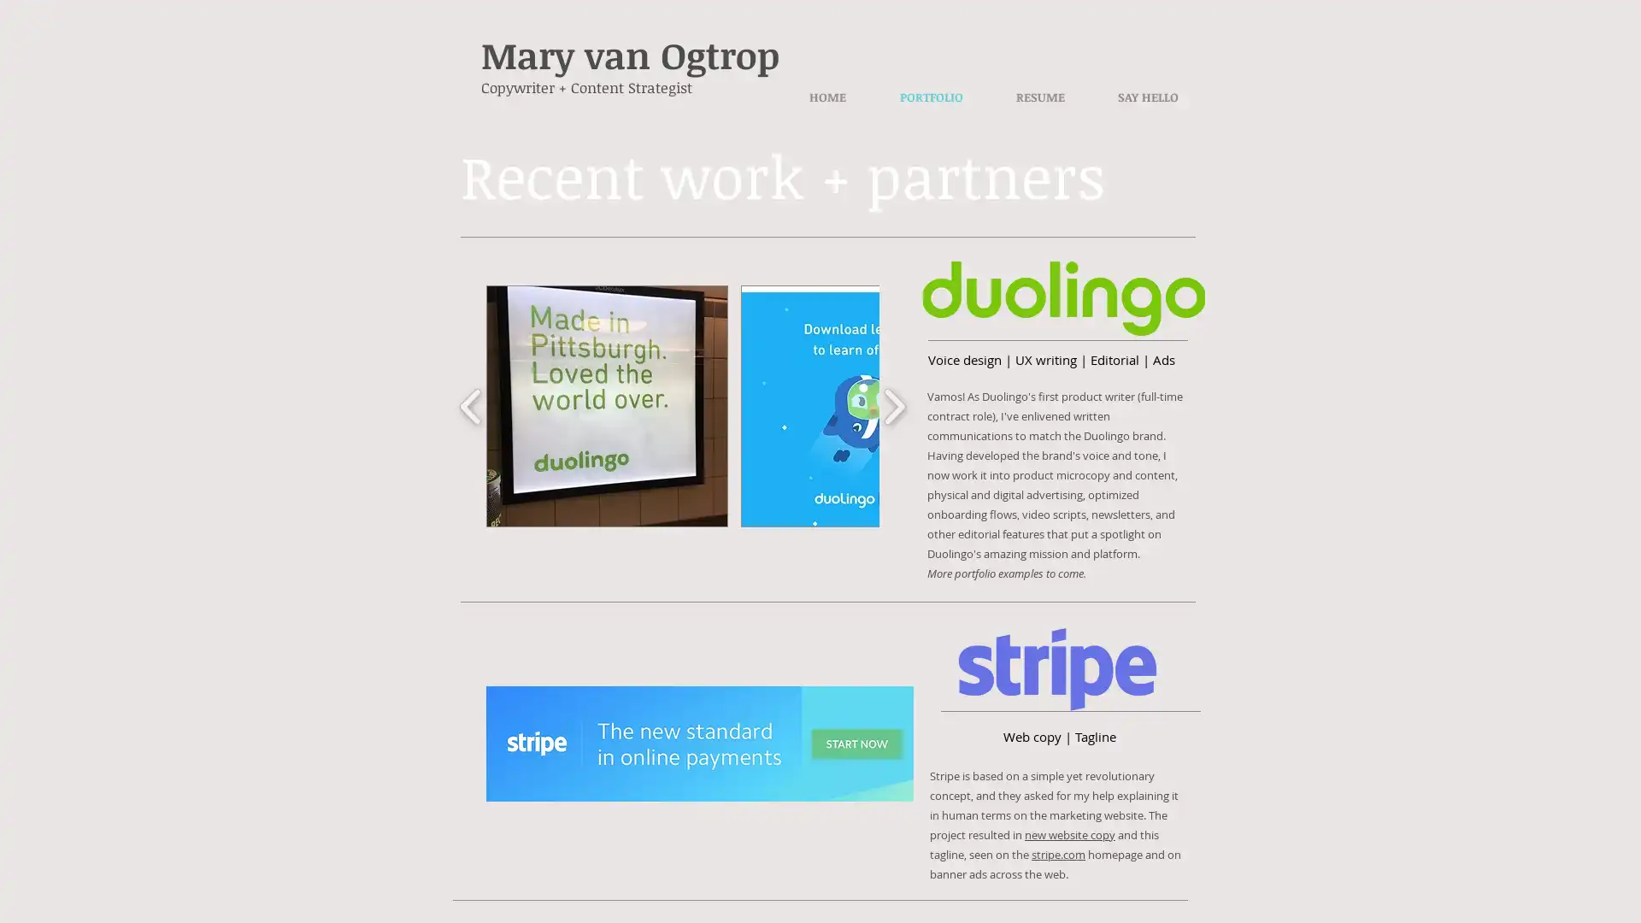  I want to click on play forward, so click(893, 405).